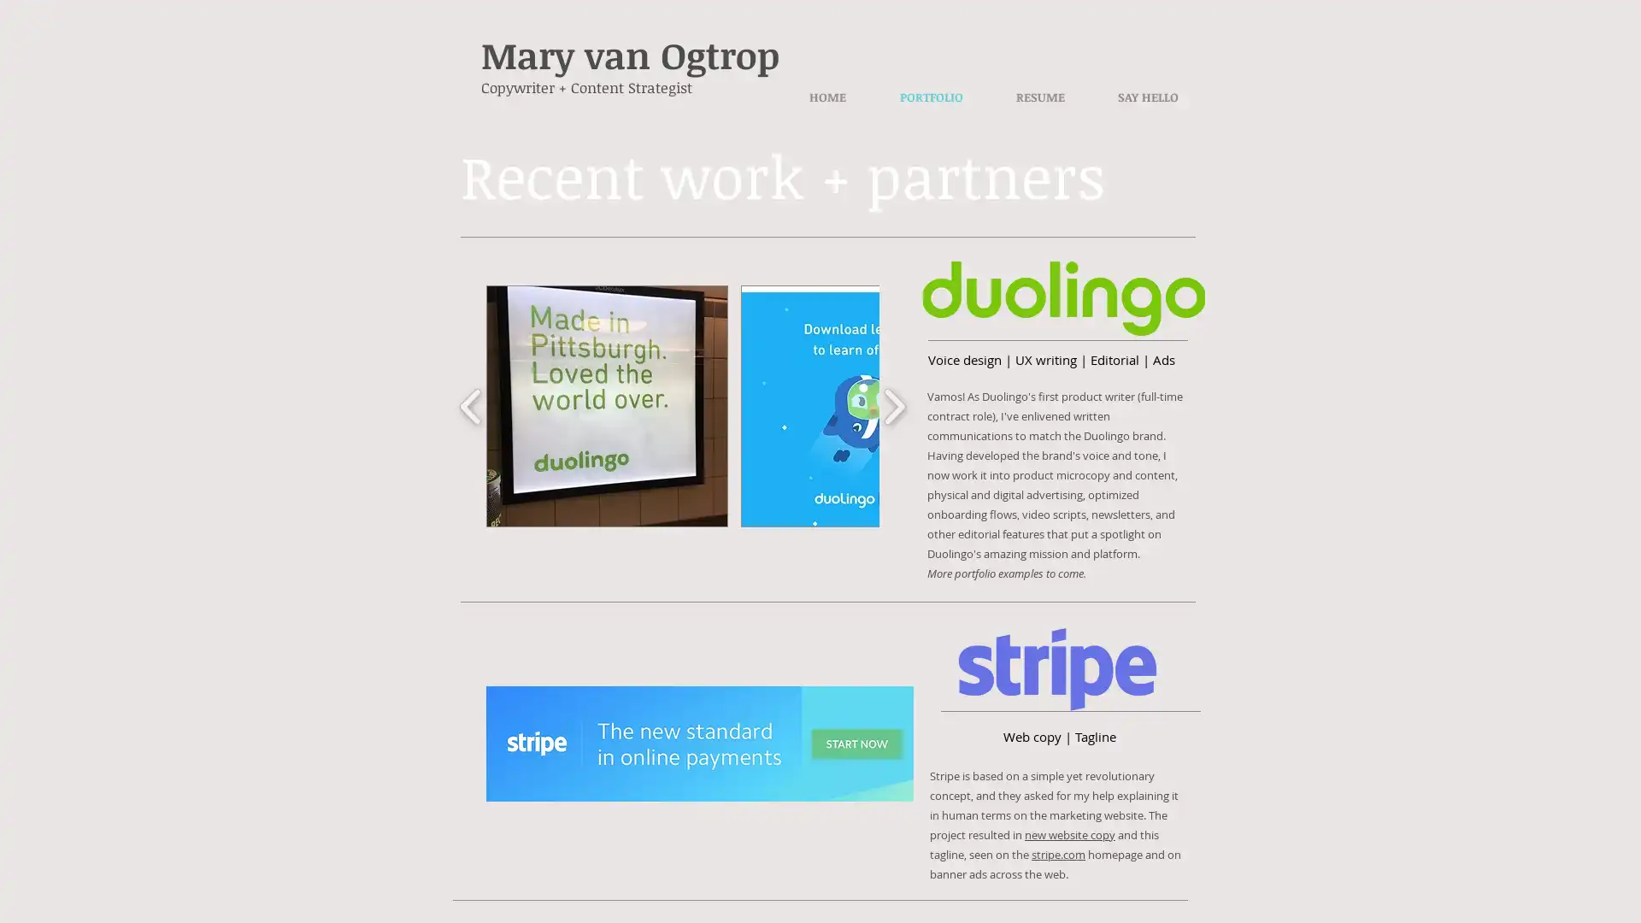  I want to click on play forward, so click(893, 405).